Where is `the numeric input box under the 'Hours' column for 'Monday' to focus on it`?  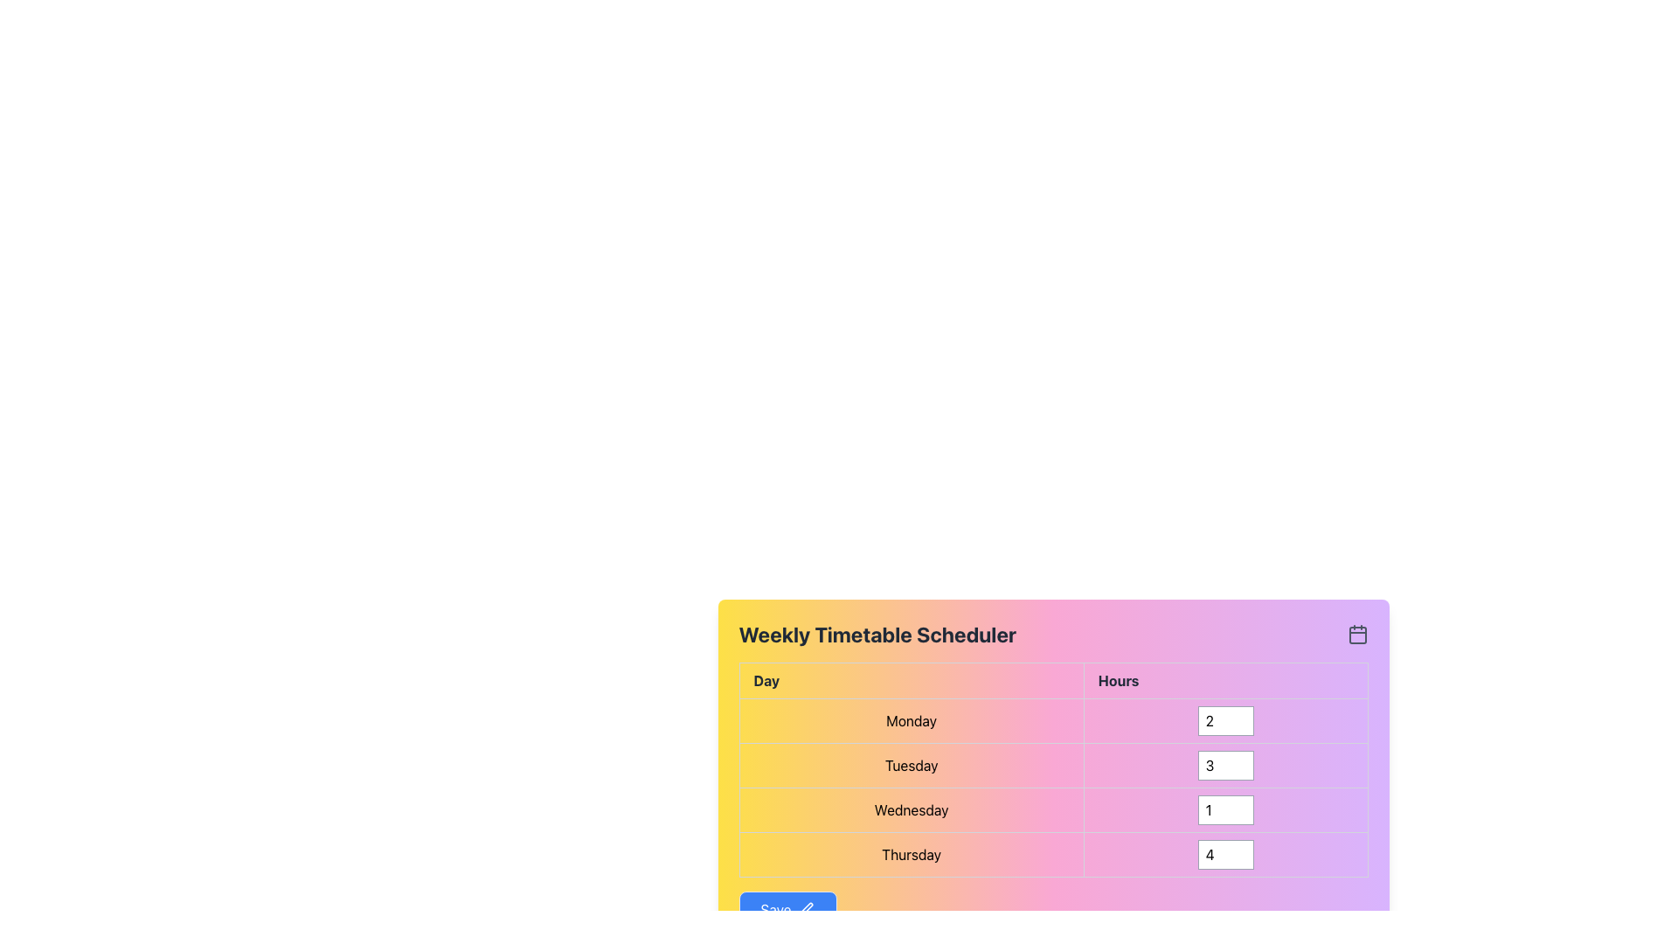 the numeric input box under the 'Hours' column for 'Monday' to focus on it is located at coordinates (1224, 721).